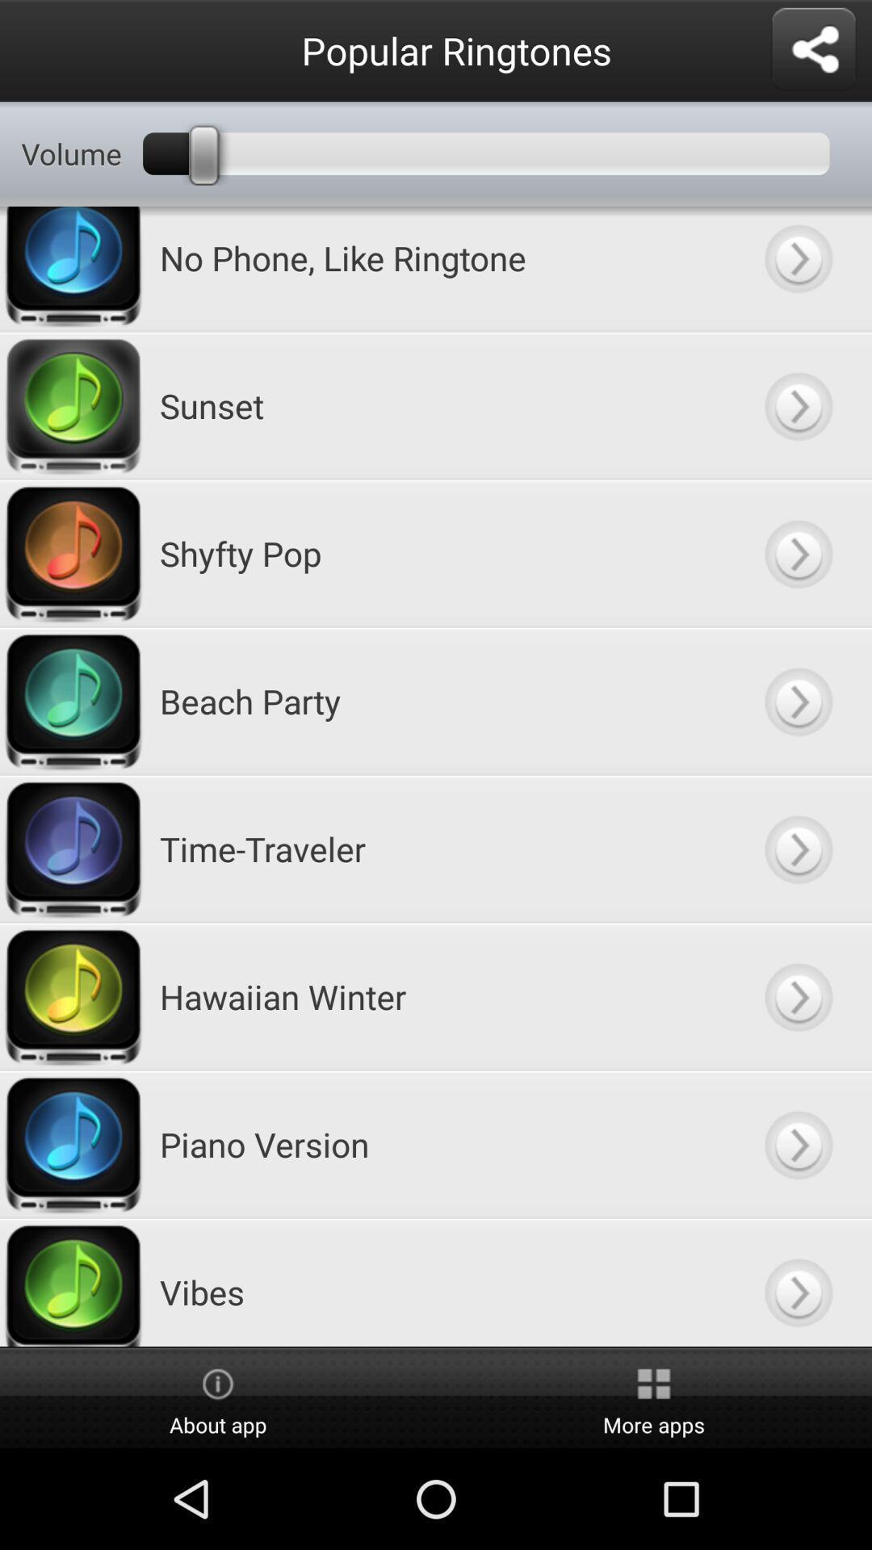 The width and height of the screenshot is (872, 1550). What do you see at coordinates (797, 269) in the screenshot?
I see `play` at bounding box center [797, 269].